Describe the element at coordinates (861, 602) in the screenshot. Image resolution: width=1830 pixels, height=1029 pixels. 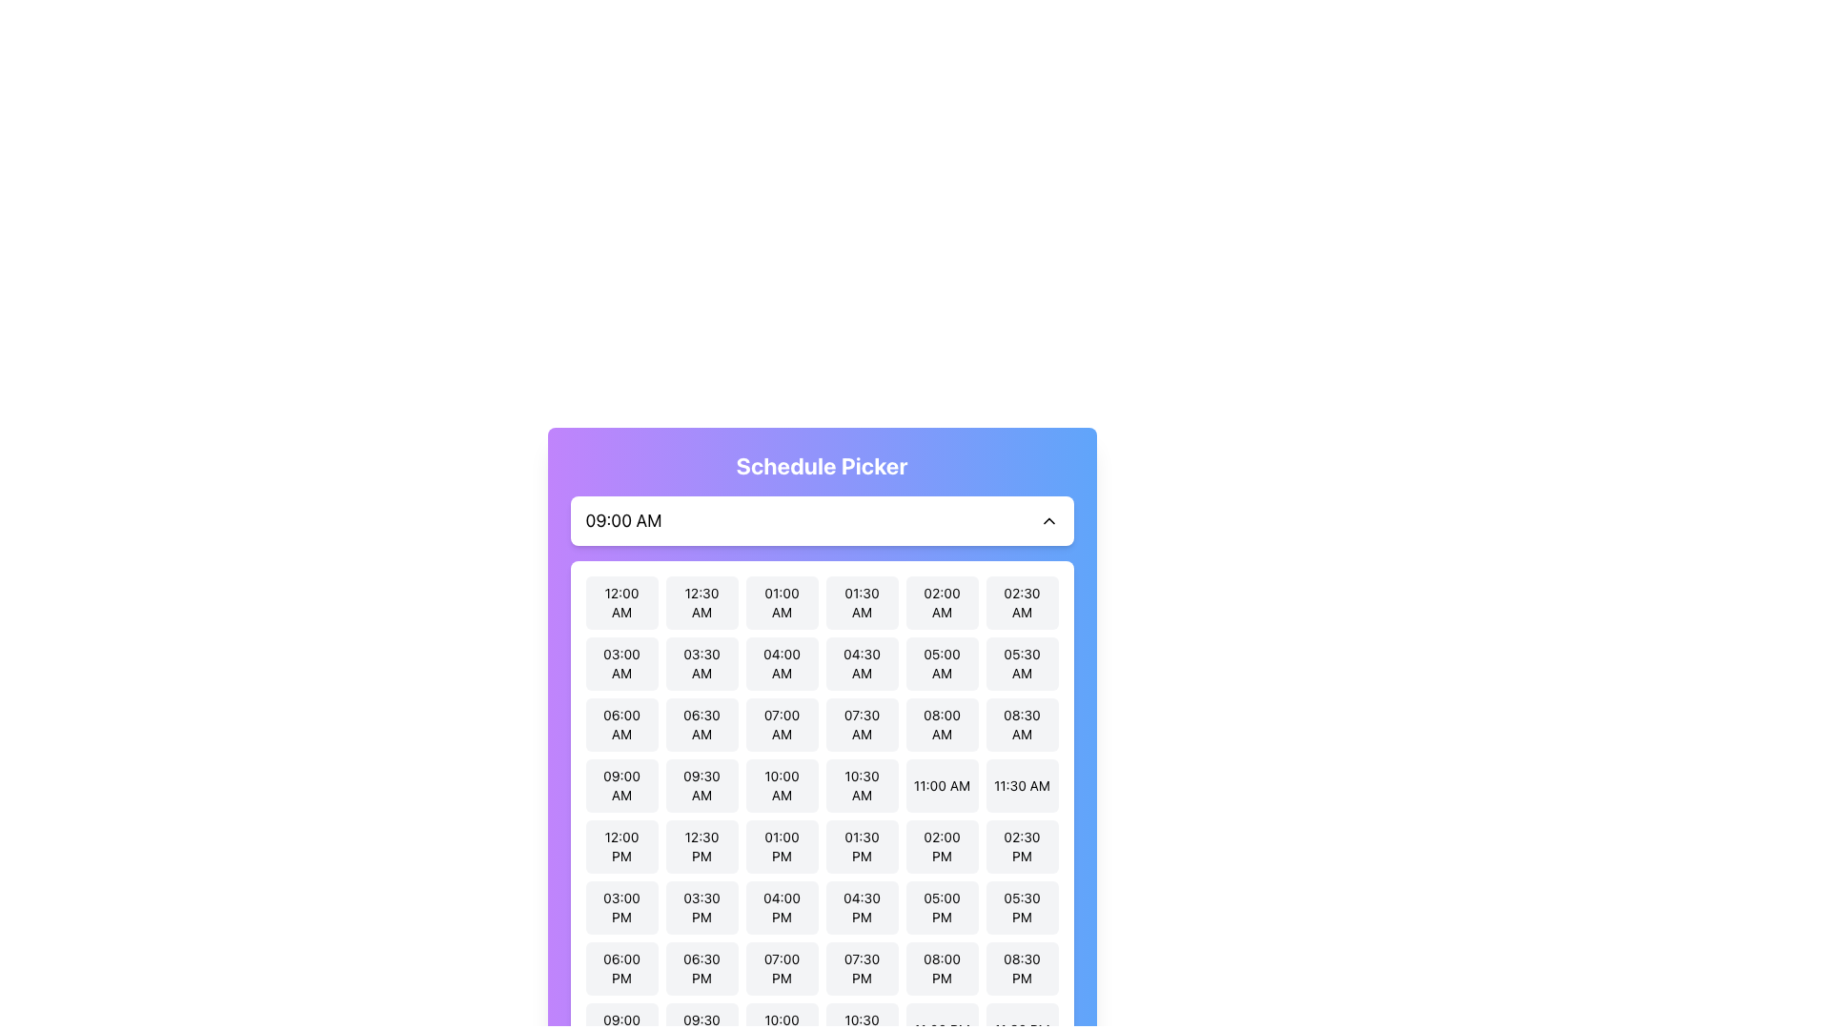
I see `the selectable time slot button for '01:30 AM' in the Schedule Picker` at that location.